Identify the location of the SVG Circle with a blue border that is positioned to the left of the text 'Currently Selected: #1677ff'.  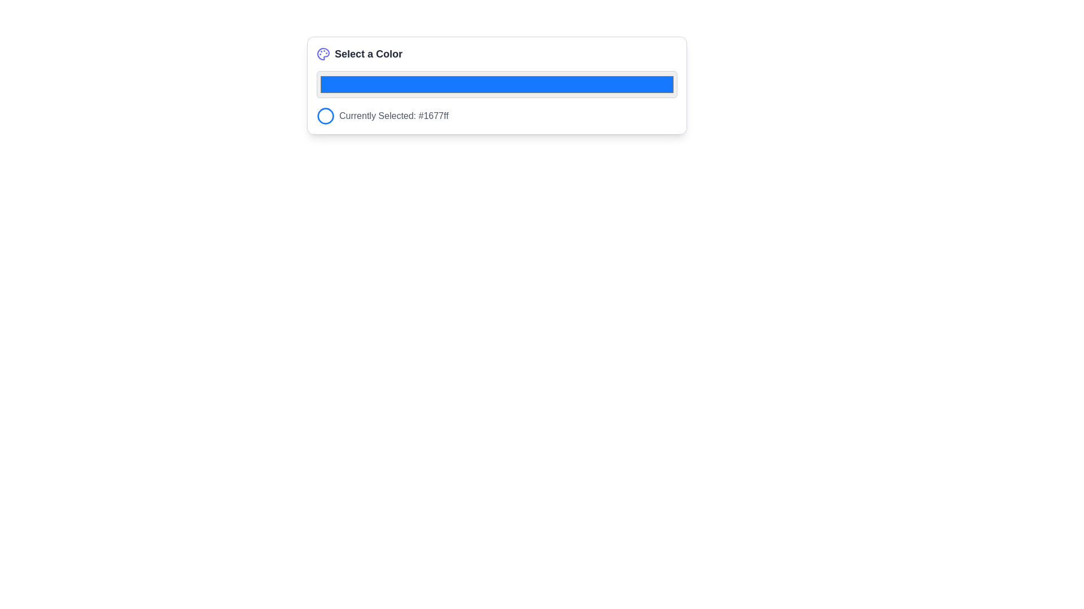
(325, 116).